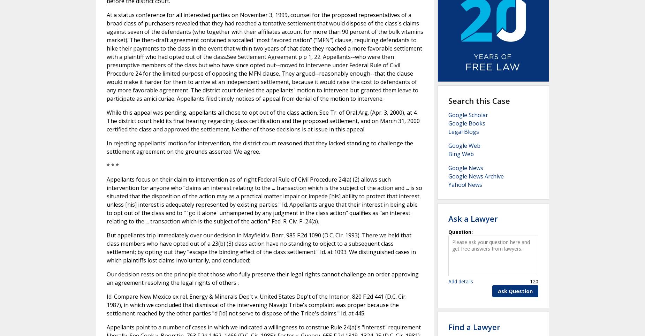 This screenshot has width=645, height=336. What do you see at coordinates (106, 247) in the screenshot?
I see `'But appellants trip immediately over our decision in Mayfield v. Barr, 985 F.2d 1090 (D.C. Cir. 1993). There we held that class members who have opted out of a 23(b) (3) class action have no standing to object to a subsequent class settlement; by opting out they "escape the binding effect of the class settlement." Id. at 1093. We distinguished cases in which plaintiffs lost claims involuntarily, and concluded:'` at bounding box center [106, 247].